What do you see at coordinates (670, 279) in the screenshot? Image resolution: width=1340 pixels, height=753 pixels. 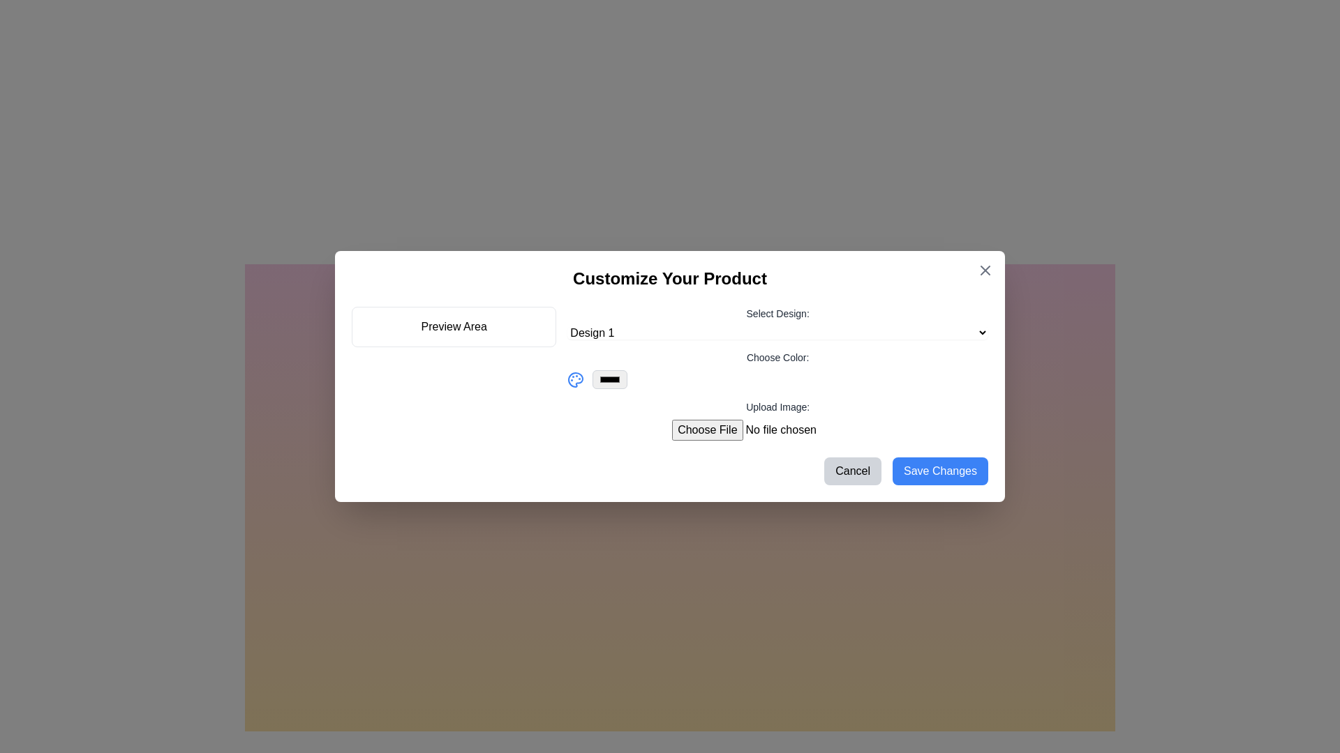 I see `the header element displaying the text 'Customize Your Product', which is a large, bold, centered title in black color` at bounding box center [670, 279].